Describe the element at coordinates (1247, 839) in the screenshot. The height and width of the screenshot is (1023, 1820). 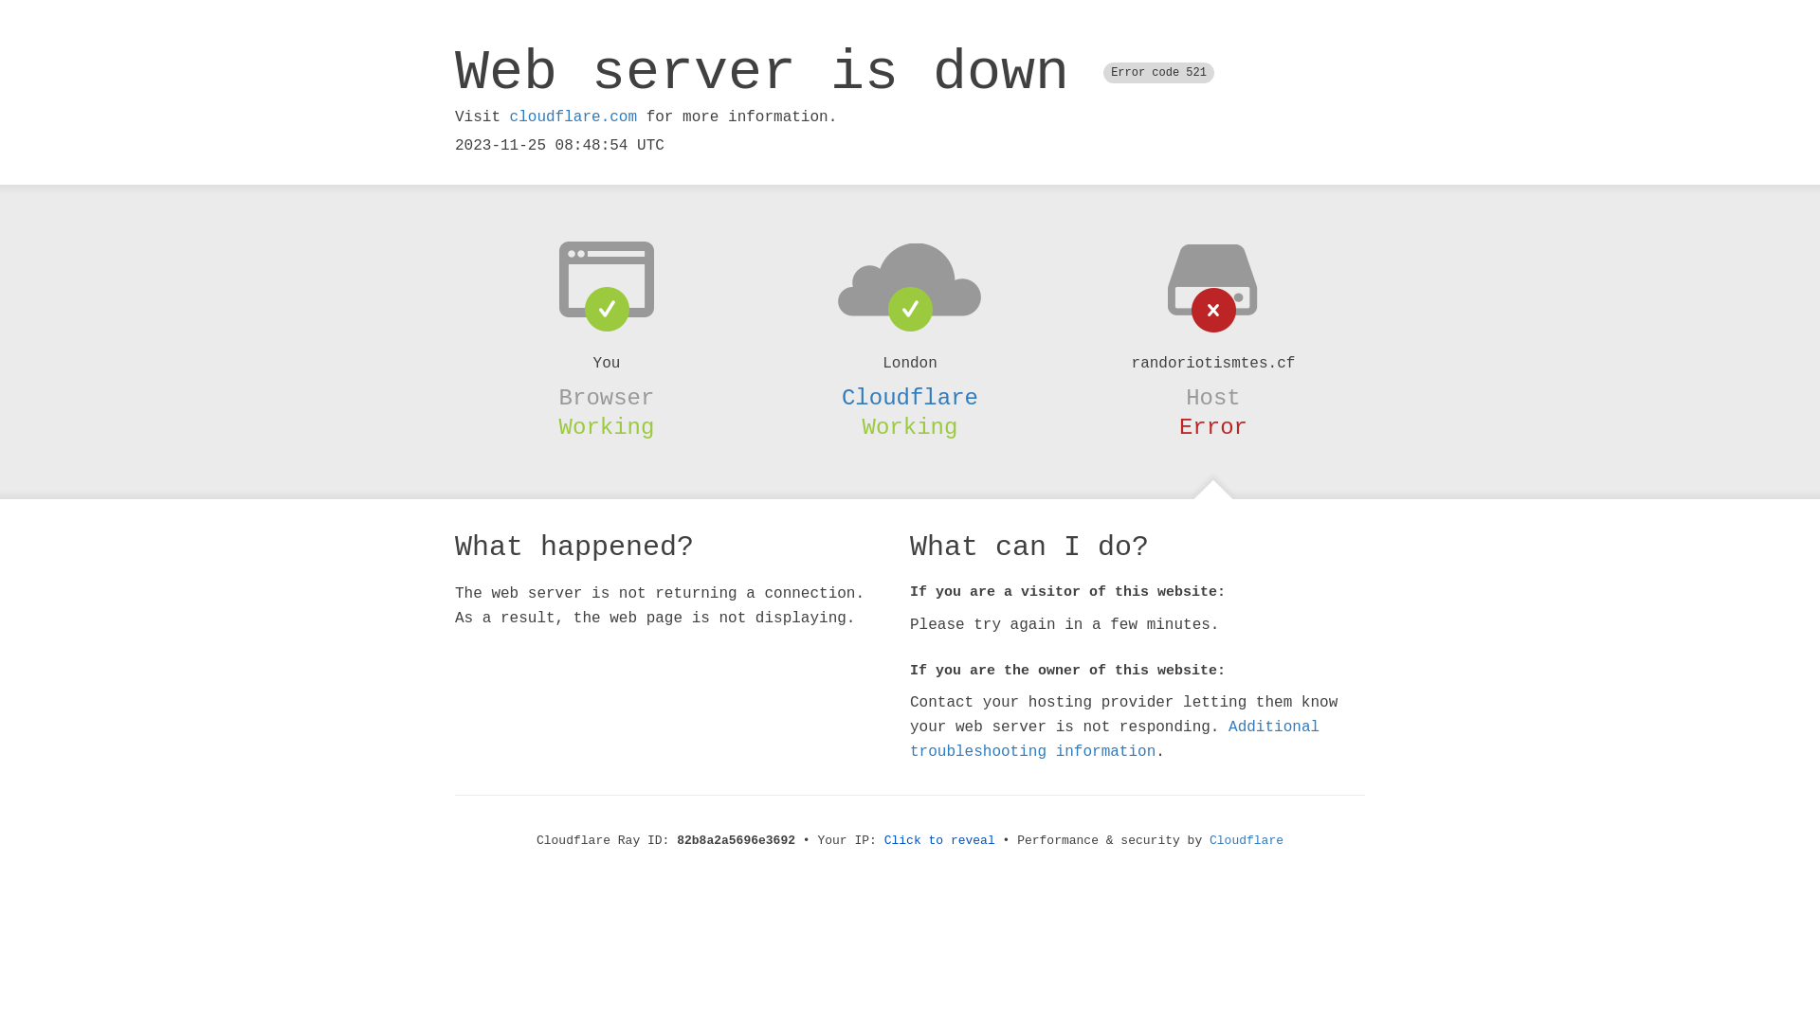
I see `'Cloudflare'` at that location.